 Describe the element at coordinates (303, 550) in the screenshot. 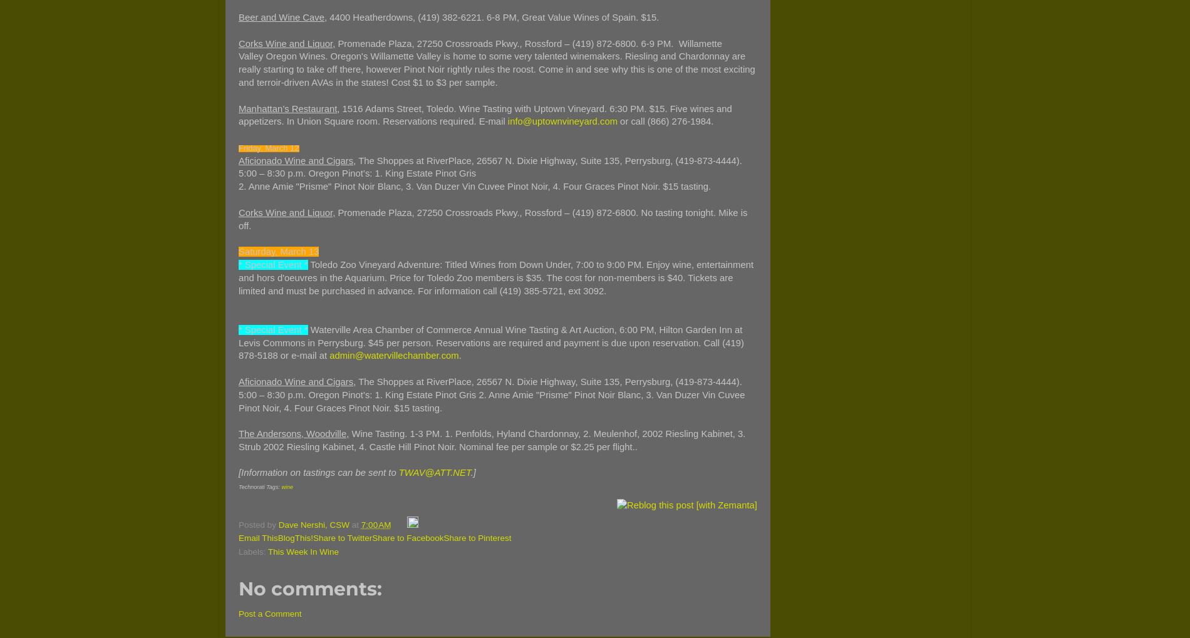

I see `'This Week In Wine'` at that location.